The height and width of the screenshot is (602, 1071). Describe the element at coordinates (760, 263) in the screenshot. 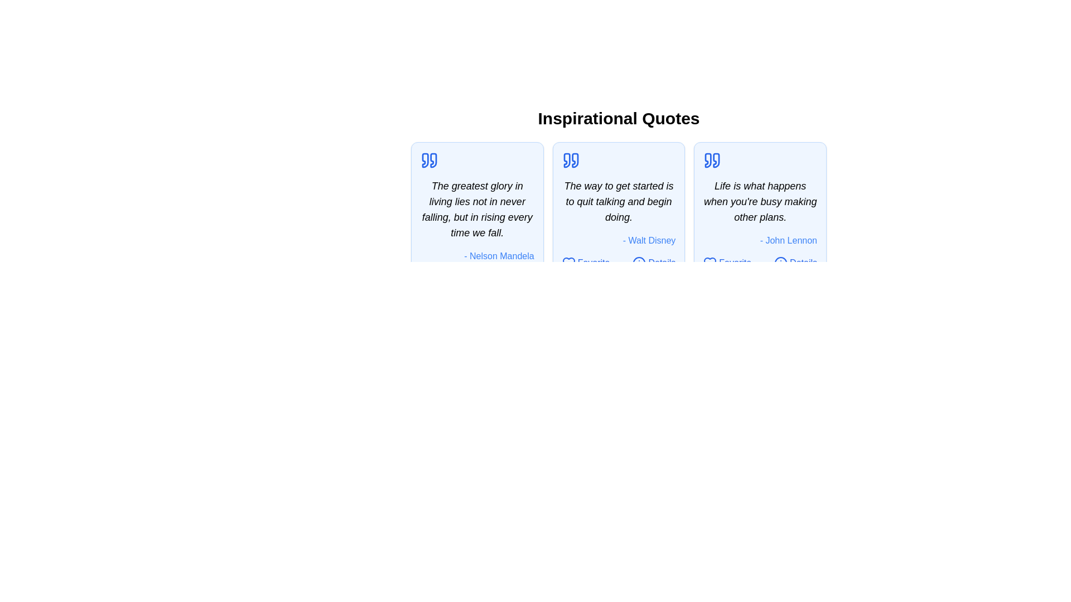

I see `the 'Favorite' interactive button located at the bottom of the rightmost card under the quote 'Life is what happens when you're busy making other plans.' to trigger a hover effect` at that location.